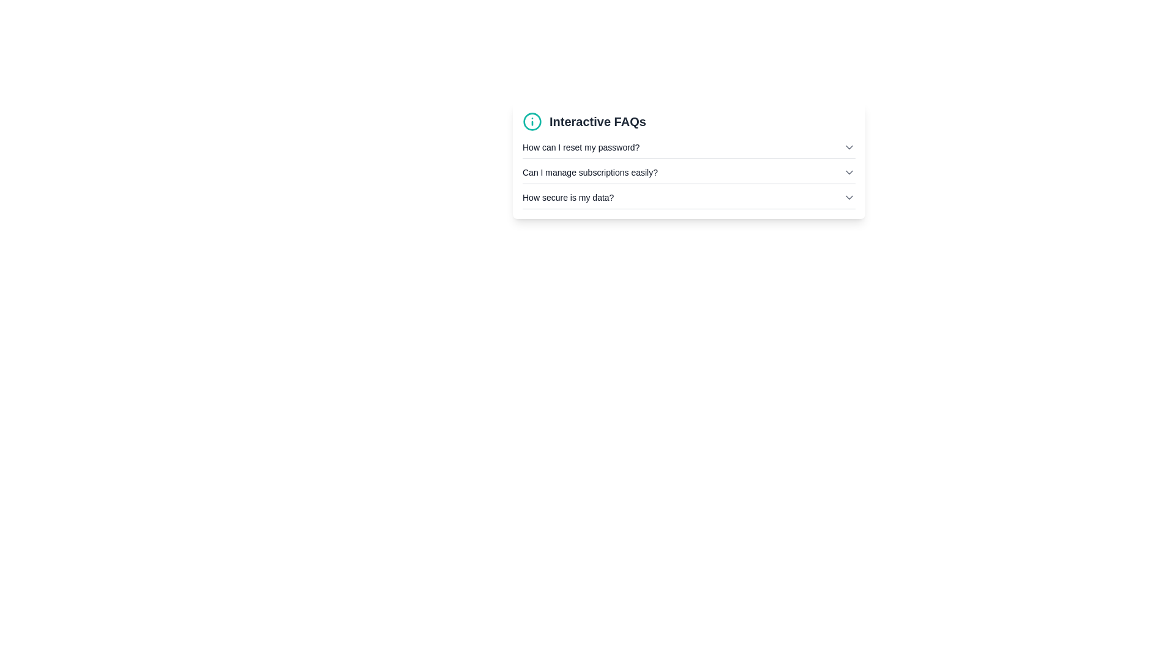 This screenshot has width=1175, height=661. I want to click on the downward-pointing chevron icon, which is styled gray and located to the right of the text 'Can I manage subscriptions easily?', so click(848, 172).